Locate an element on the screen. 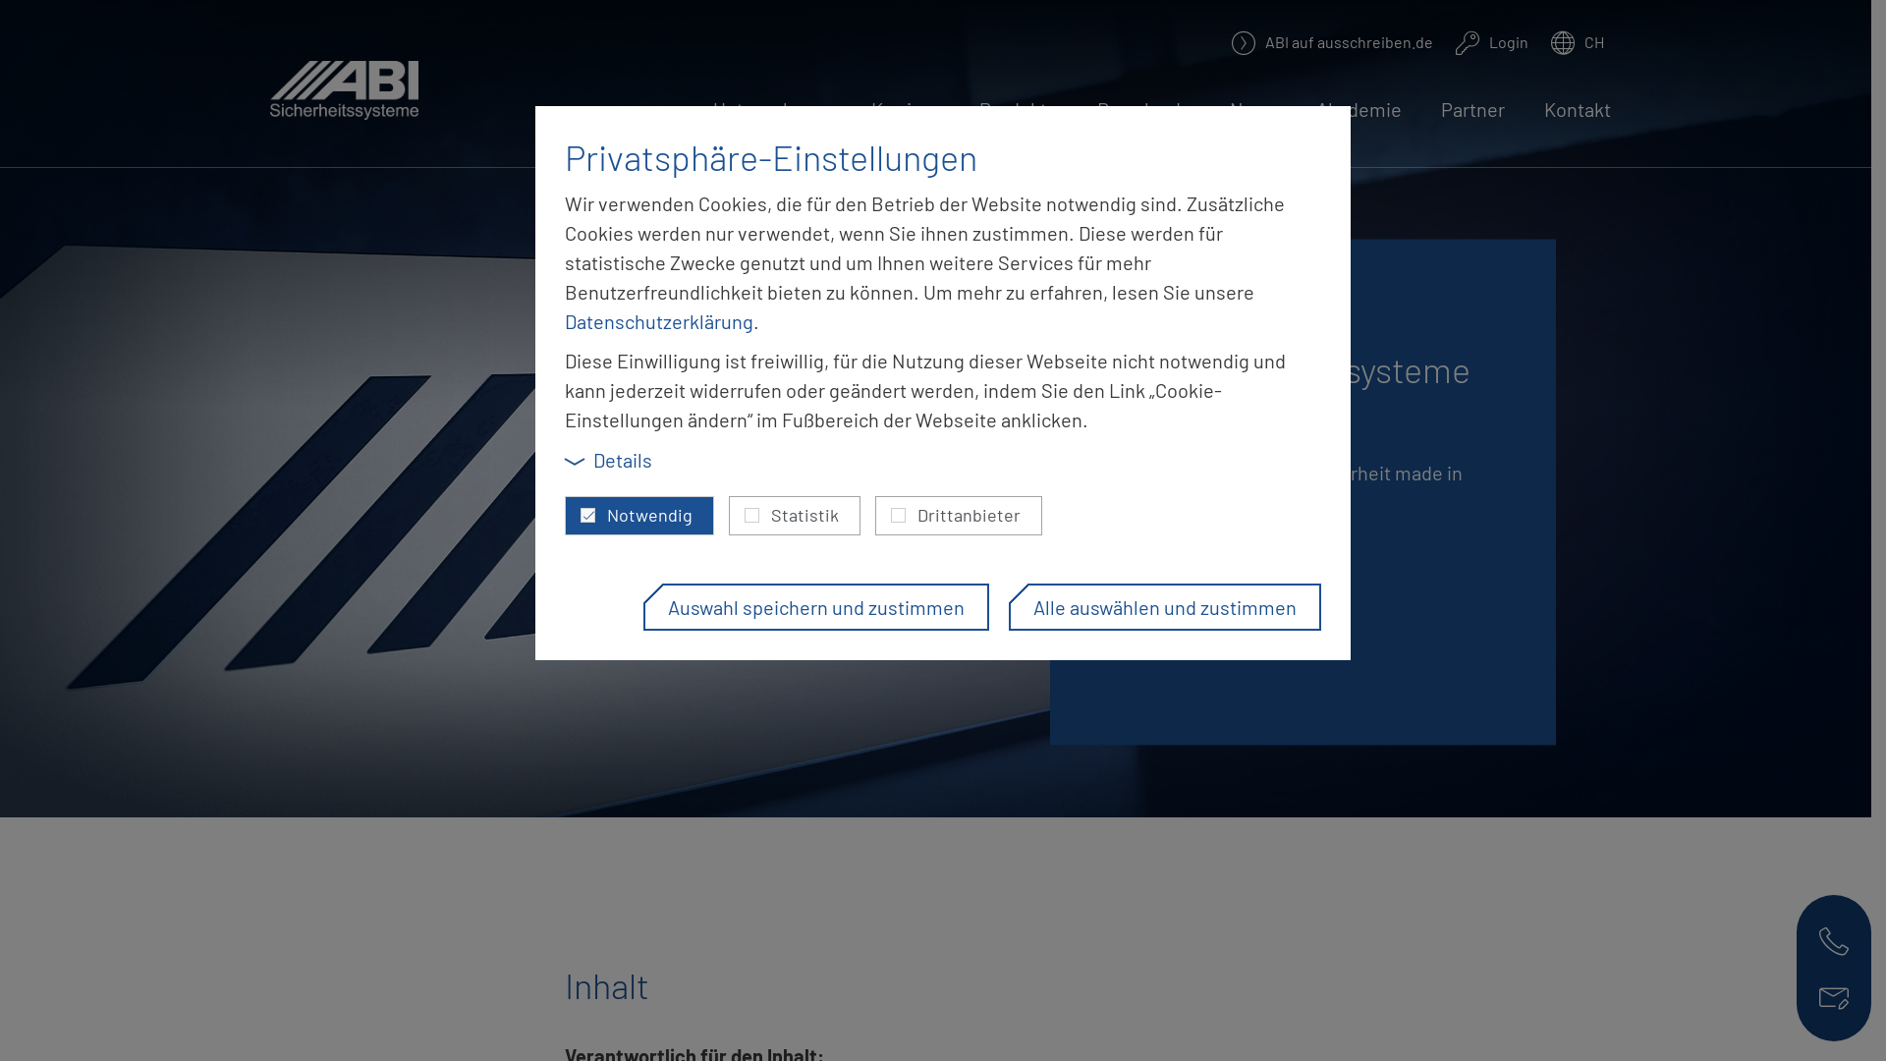 The height and width of the screenshot is (1061, 1886). 'CH' is located at coordinates (1578, 41).